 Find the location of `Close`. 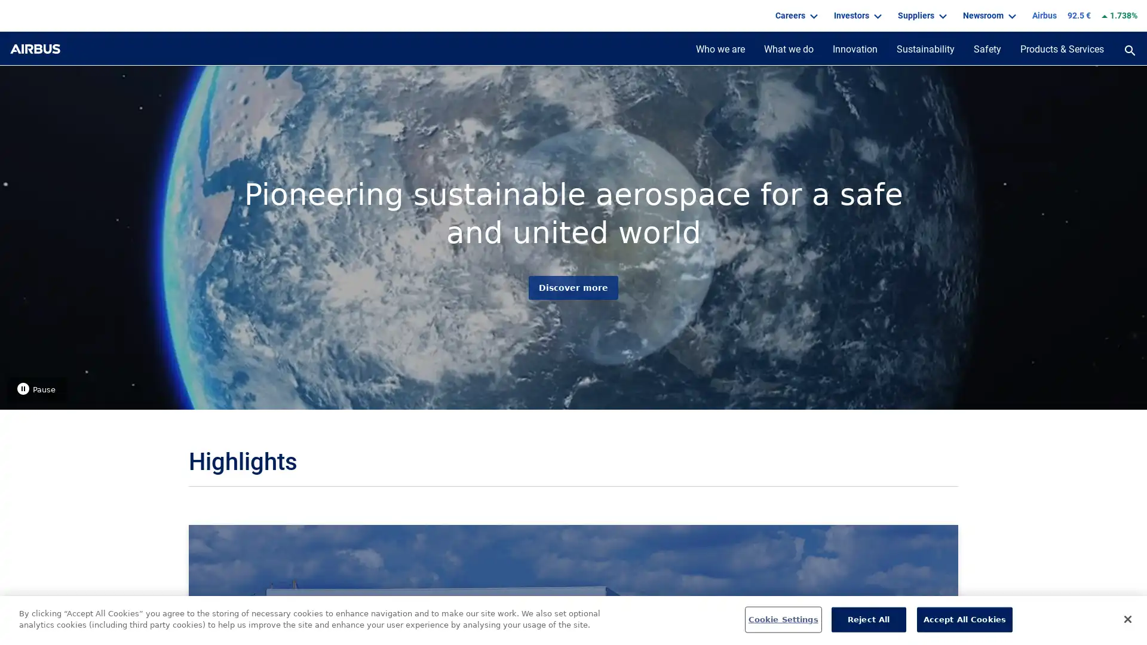

Close is located at coordinates (1127, 618).